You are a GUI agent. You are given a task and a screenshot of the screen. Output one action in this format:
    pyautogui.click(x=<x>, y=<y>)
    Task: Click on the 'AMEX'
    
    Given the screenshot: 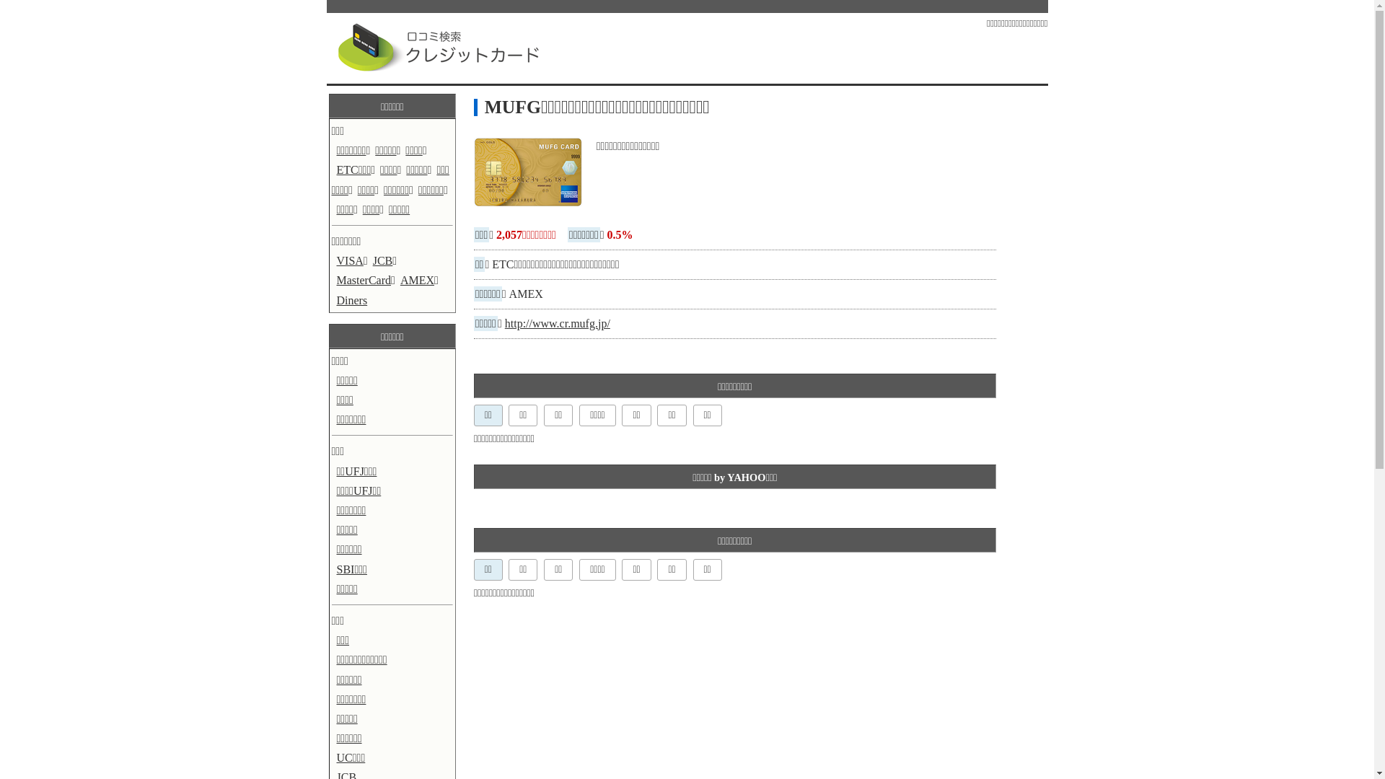 What is the action you would take?
    pyautogui.click(x=395, y=280)
    